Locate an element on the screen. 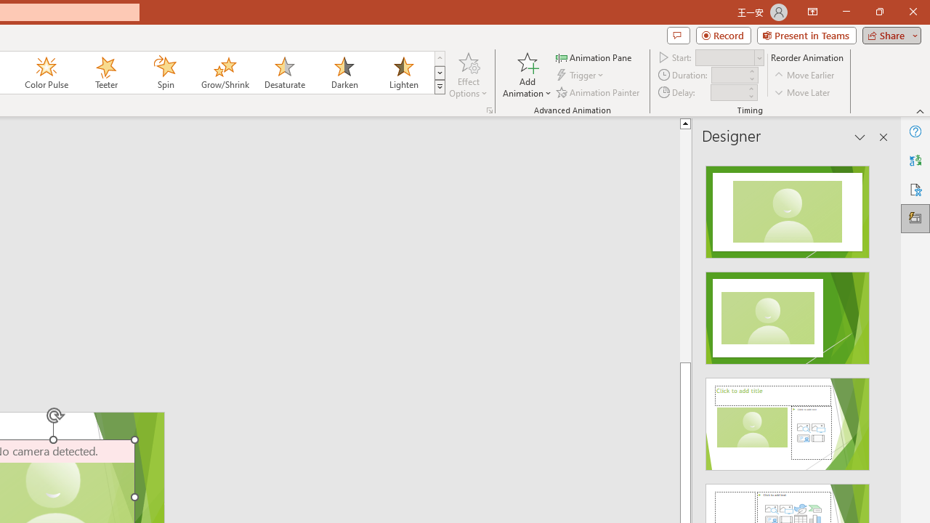  'Add Animation' is located at coordinates (526, 75).